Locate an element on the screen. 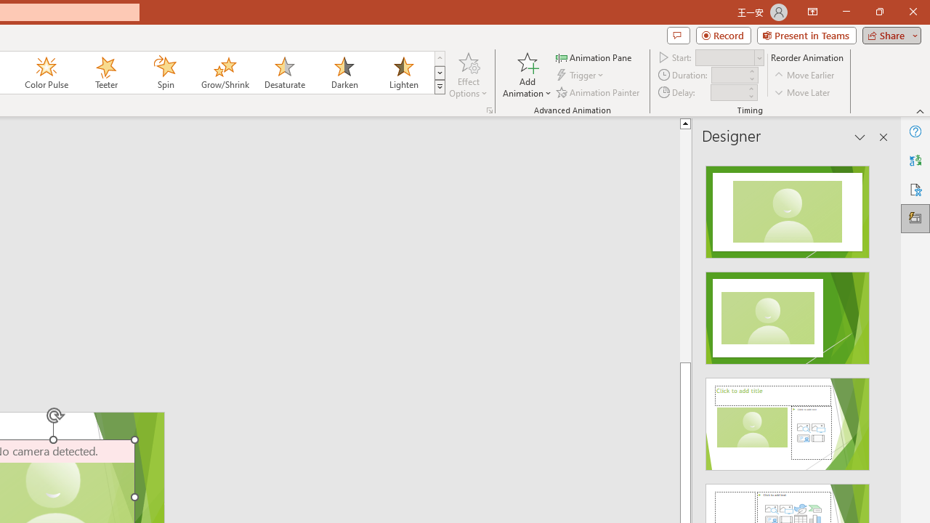  'Add Animation' is located at coordinates (526, 75).